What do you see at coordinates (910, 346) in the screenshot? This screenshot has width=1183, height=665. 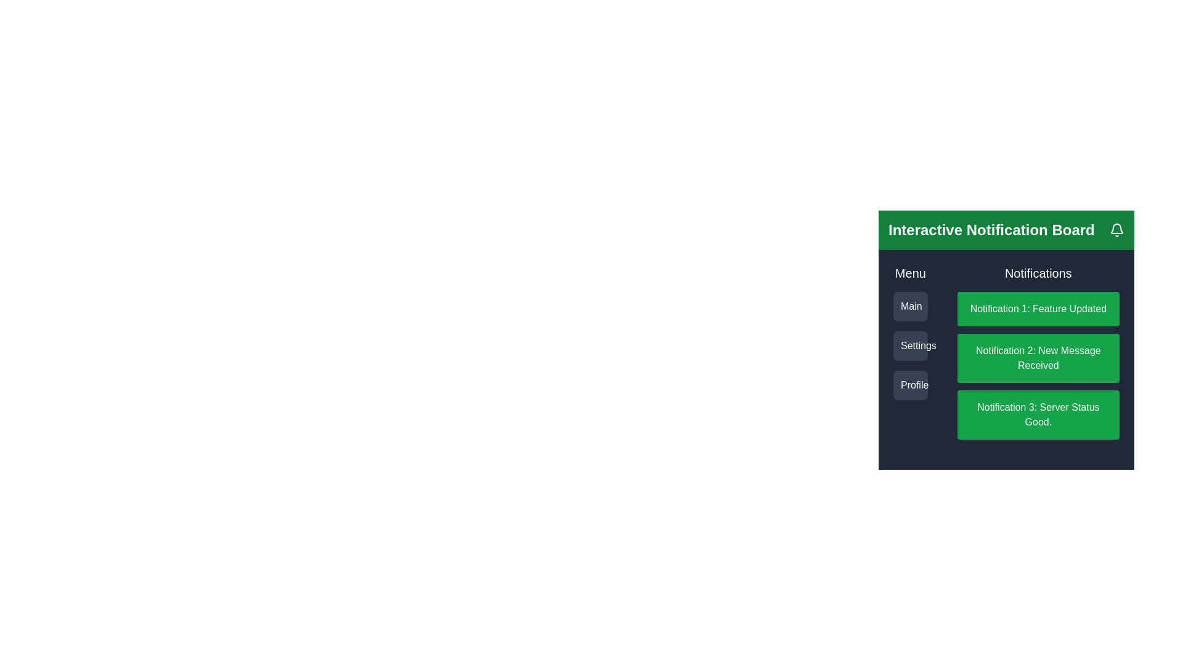 I see `the 'Settings' button, which is a rectangular button with white text on a dark gray background, located in the Menu section` at bounding box center [910, 346].